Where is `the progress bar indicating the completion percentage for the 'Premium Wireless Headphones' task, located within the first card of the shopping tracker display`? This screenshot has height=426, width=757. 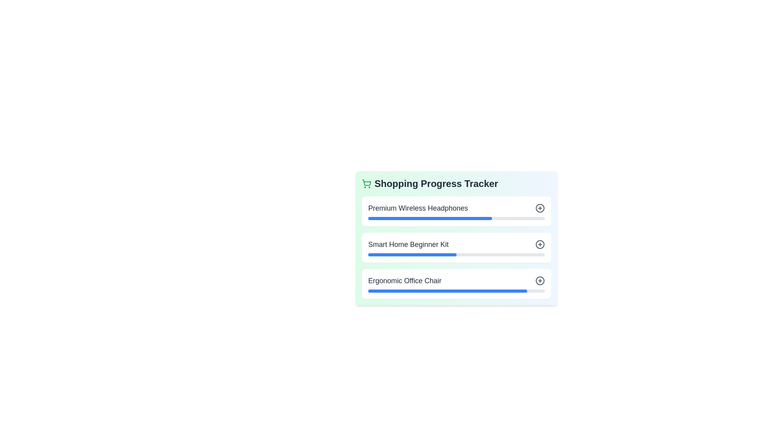 the progress bar indicating the completion percentage for the 'Premium Wireless Headphones' task, located within the first card of the shopping tracker display is located at coordinates (456, 219).